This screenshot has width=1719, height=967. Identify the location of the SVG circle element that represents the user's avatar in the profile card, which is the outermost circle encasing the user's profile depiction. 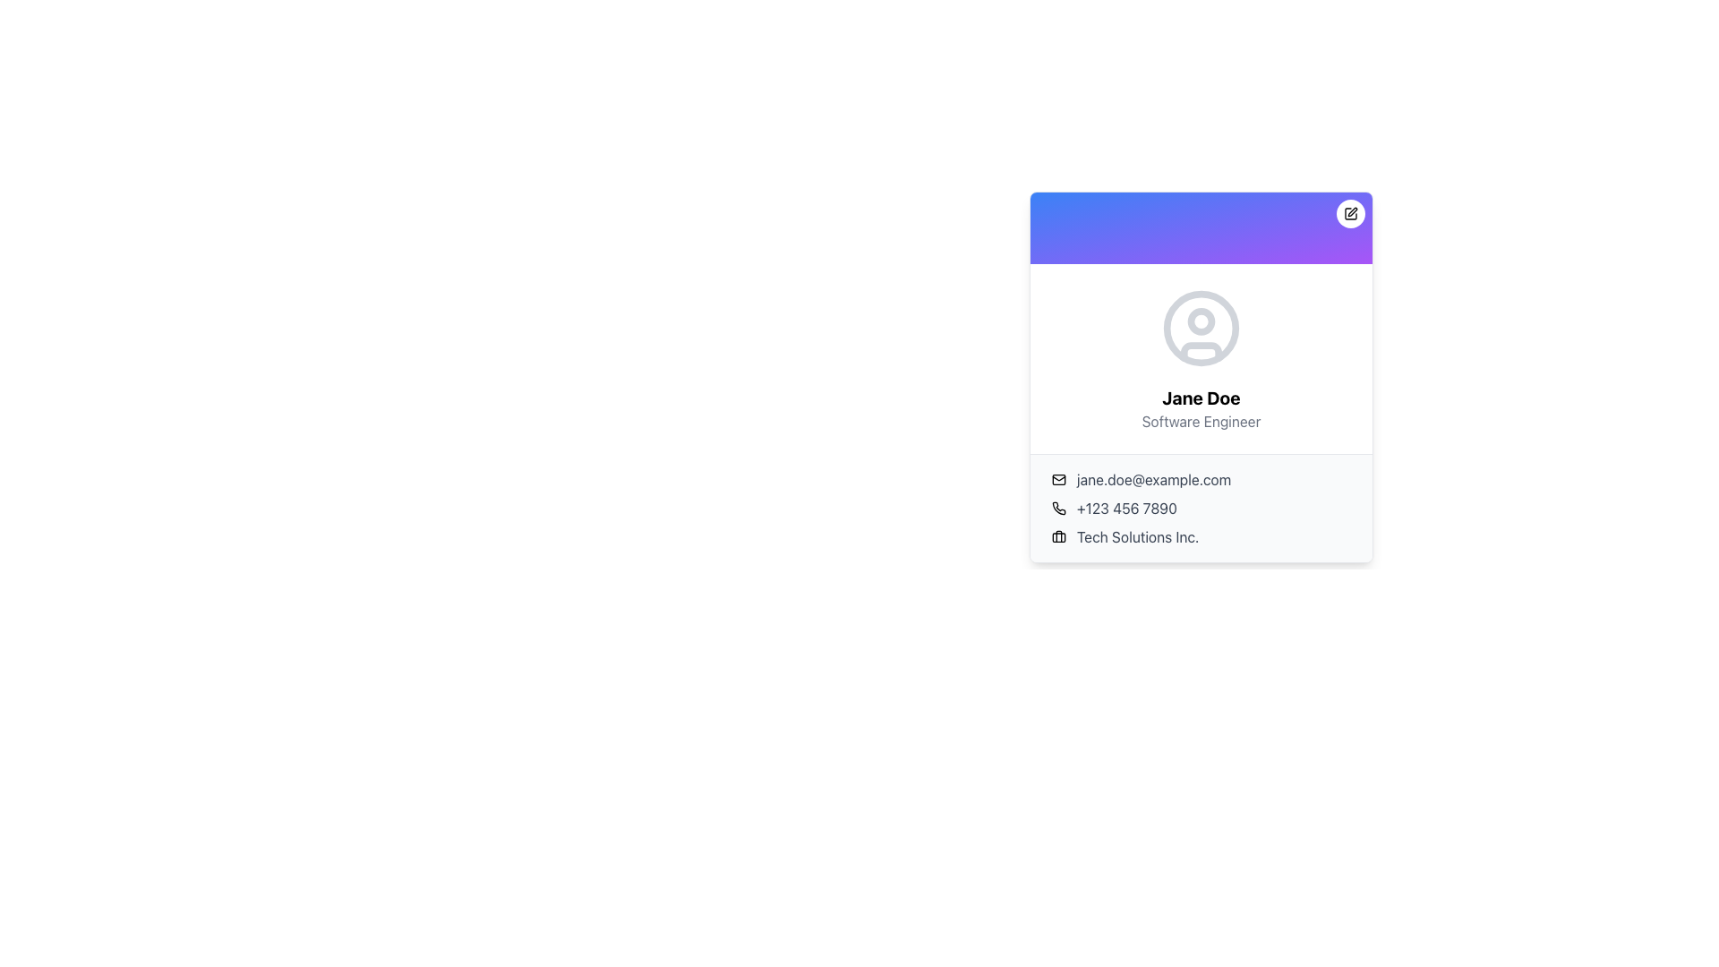
(1202, 328).